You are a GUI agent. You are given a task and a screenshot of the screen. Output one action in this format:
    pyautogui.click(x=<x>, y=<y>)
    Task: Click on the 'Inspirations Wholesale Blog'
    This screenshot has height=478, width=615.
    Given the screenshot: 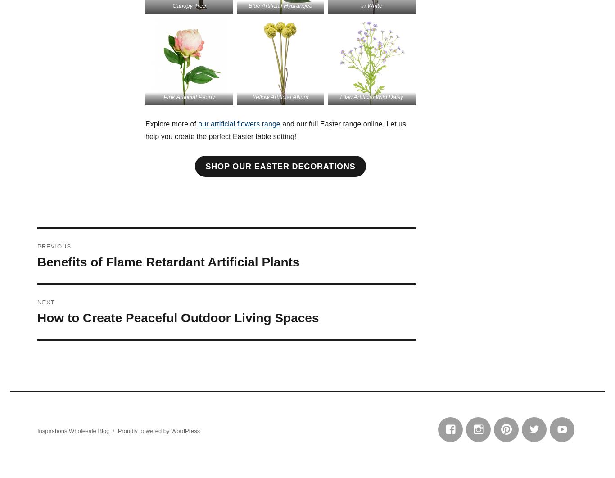 What is the action you would take?
    pyautogui.click(x=72, y=430)
    